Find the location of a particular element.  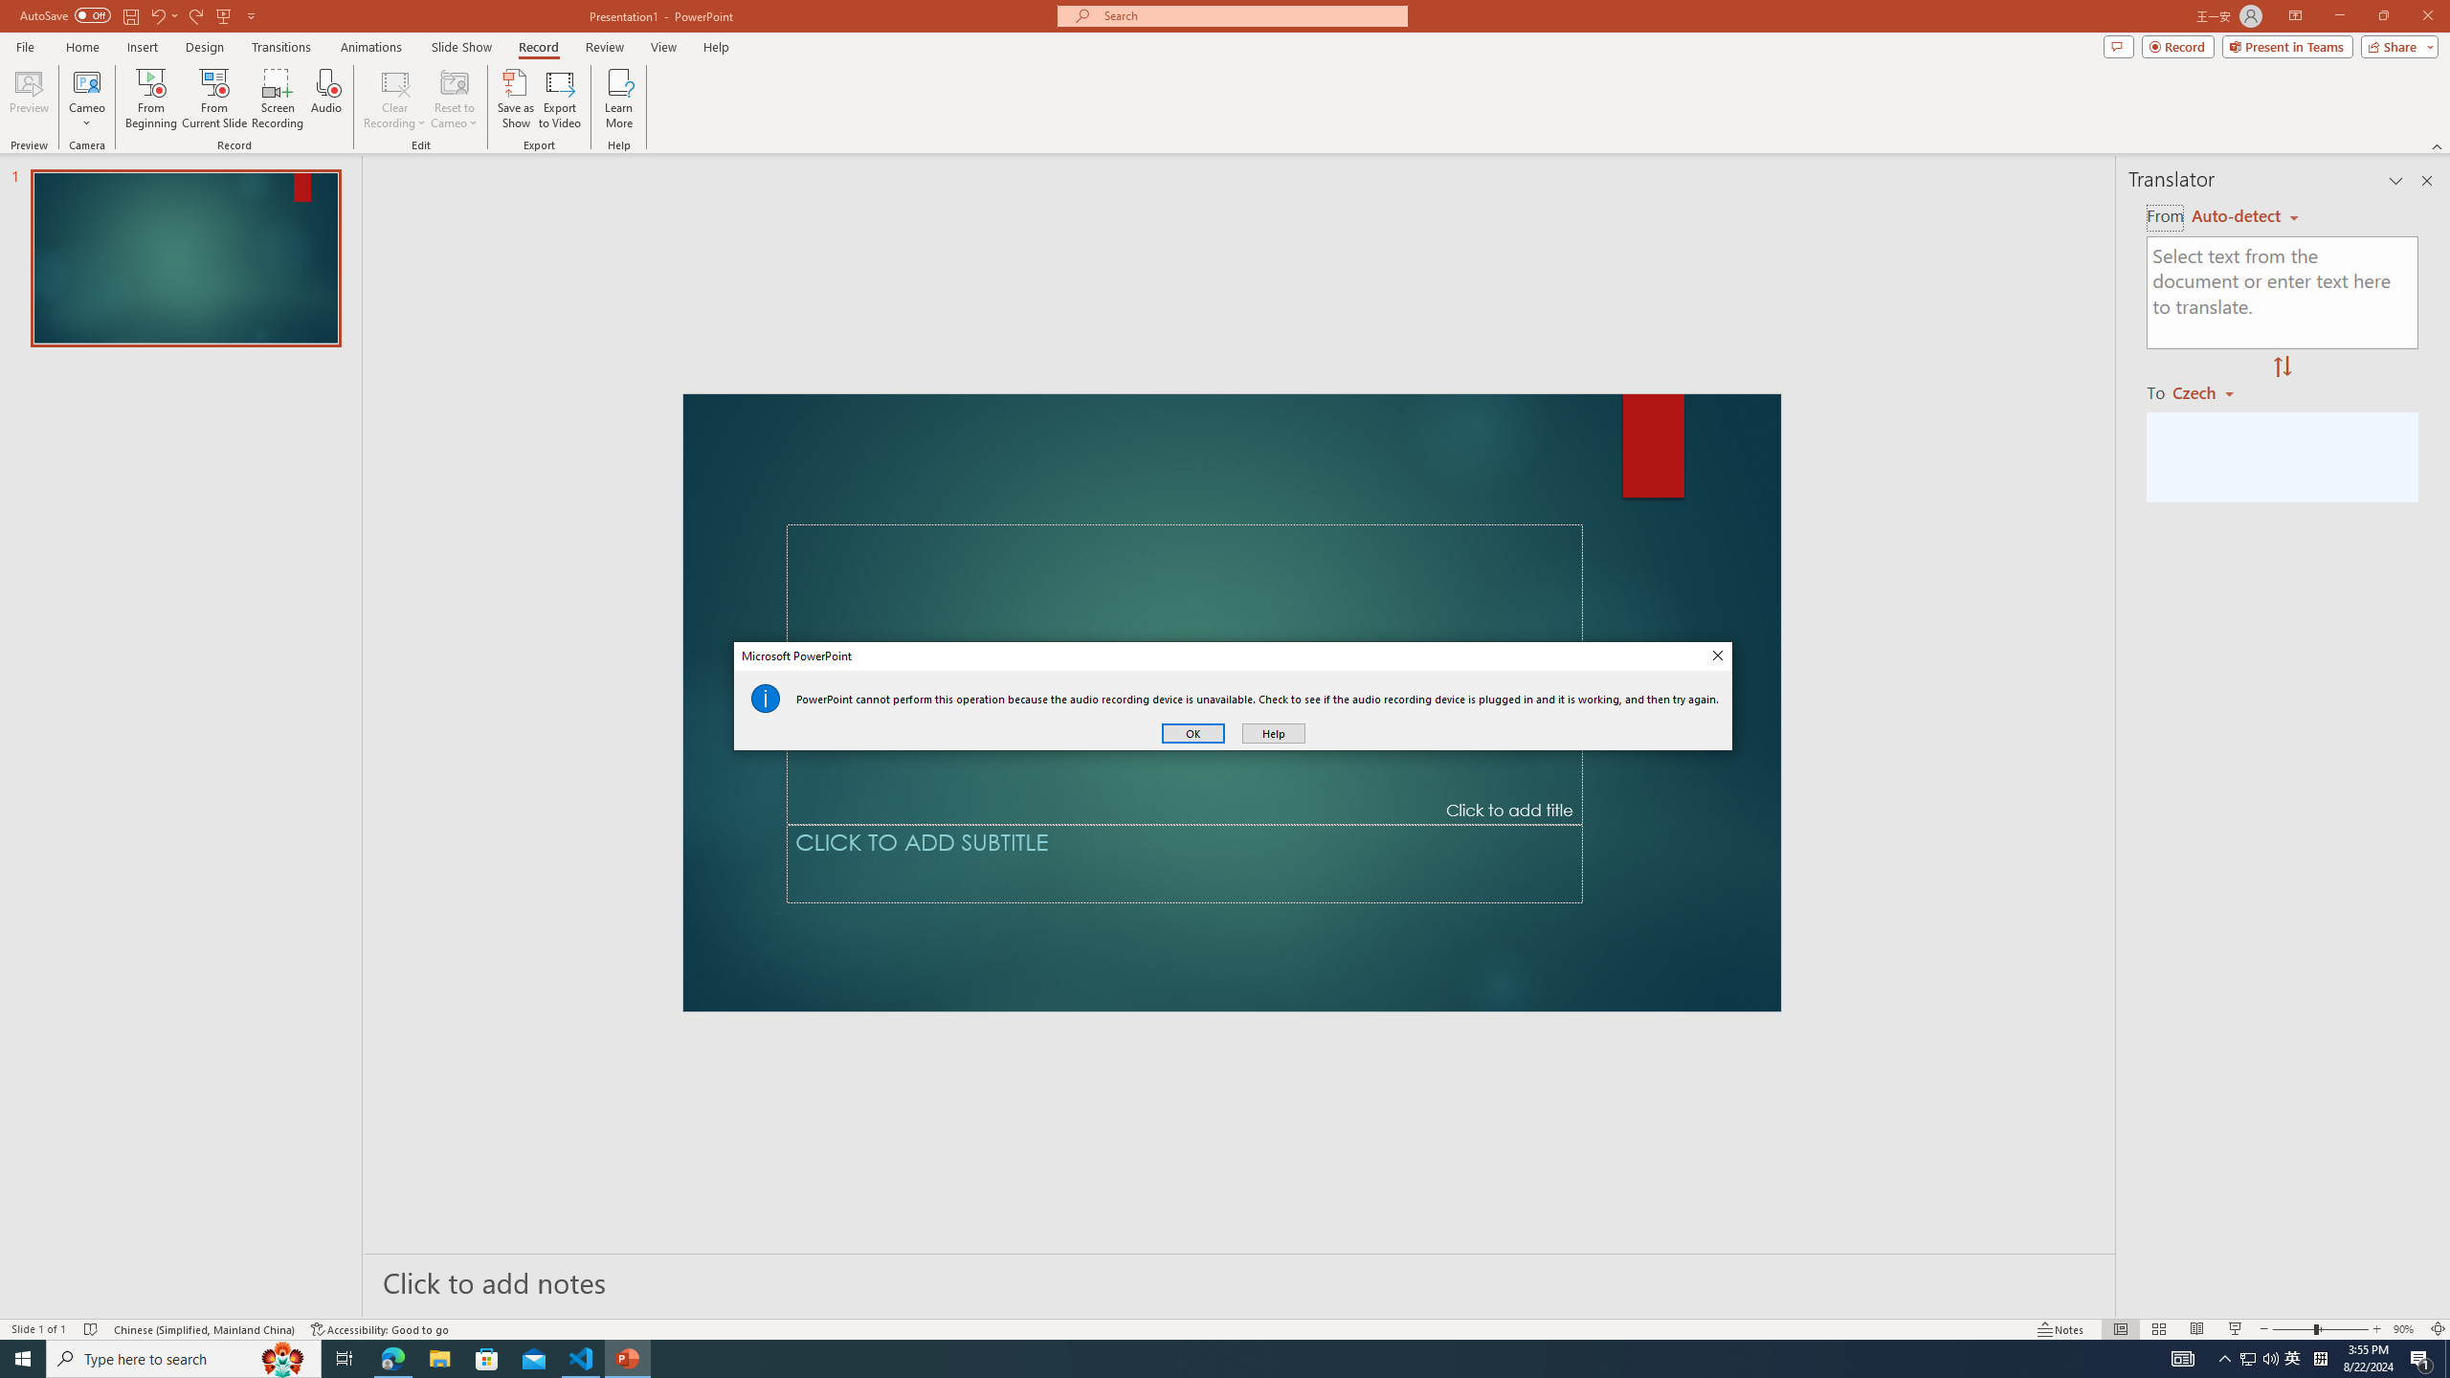

'Zoom 90%' is located at coordinates (2407, 1329).